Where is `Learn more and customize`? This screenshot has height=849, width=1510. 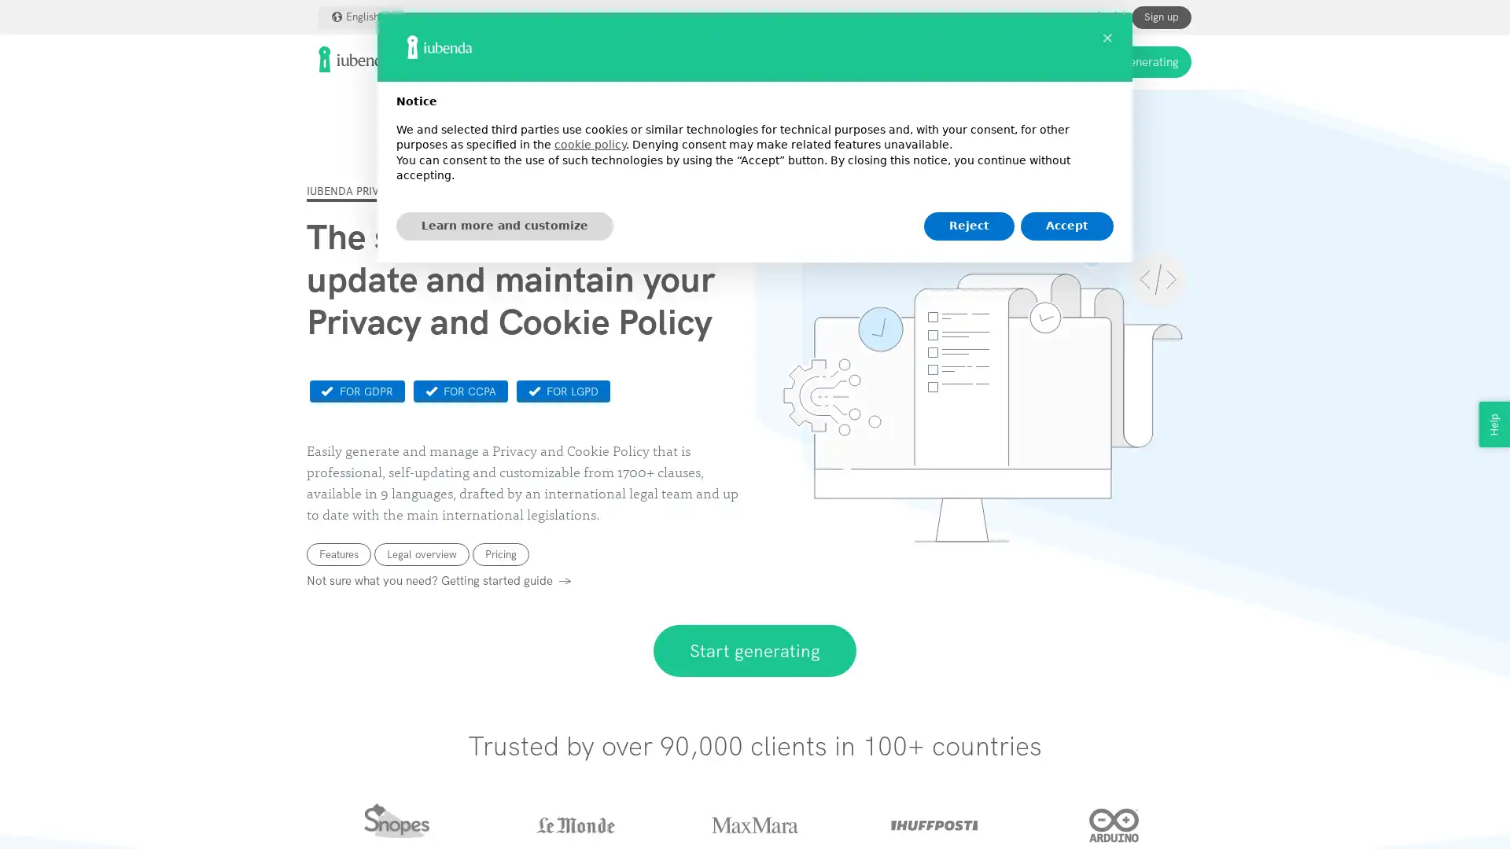
Learn more and customize is located at coordinates (505, 225).